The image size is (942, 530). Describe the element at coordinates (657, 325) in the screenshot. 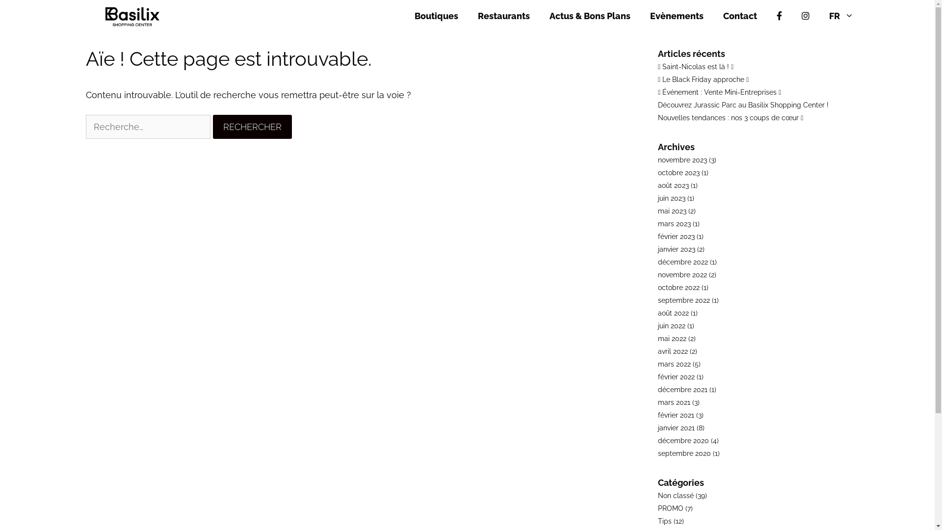

I see `'juin 2022'` at that location.